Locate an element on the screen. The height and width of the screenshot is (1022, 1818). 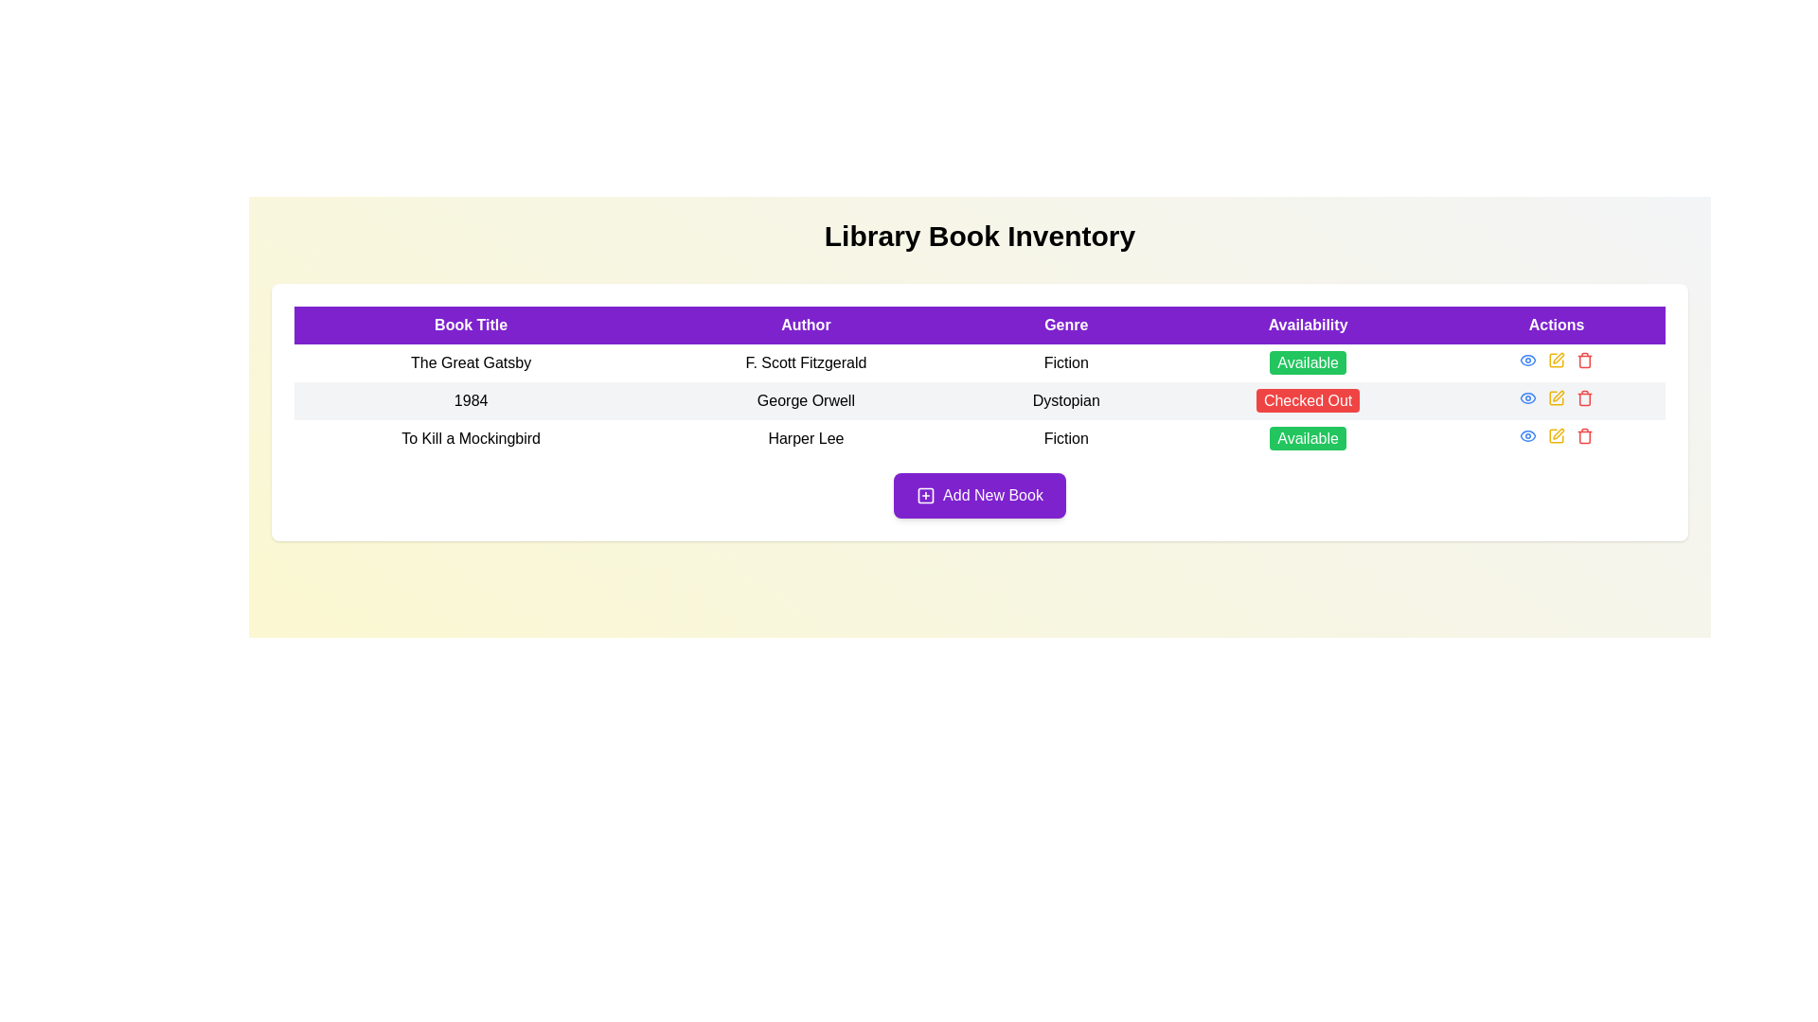
the text label displaying the author's name for the book '1984', located in the second cell of the 'Author' column is located at coordinates (806, 400).